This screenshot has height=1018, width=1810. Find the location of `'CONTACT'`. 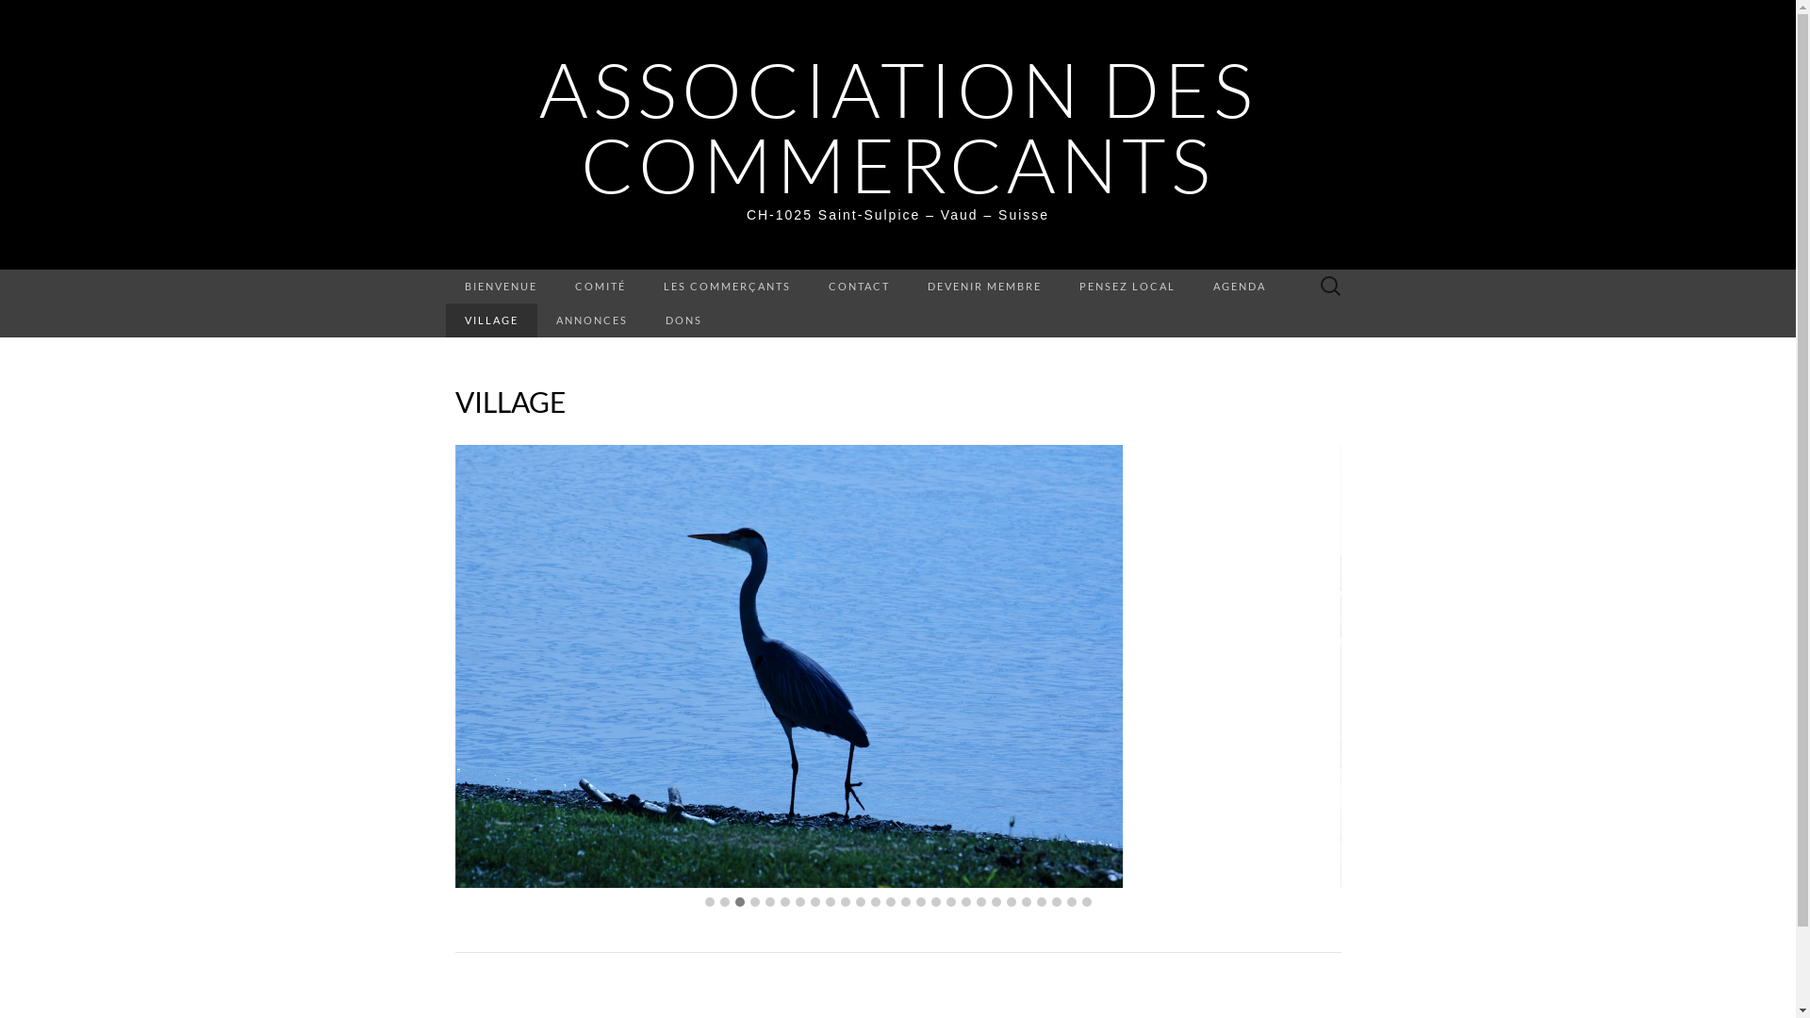

'CONTACT' is located at coordinates (809, 287).